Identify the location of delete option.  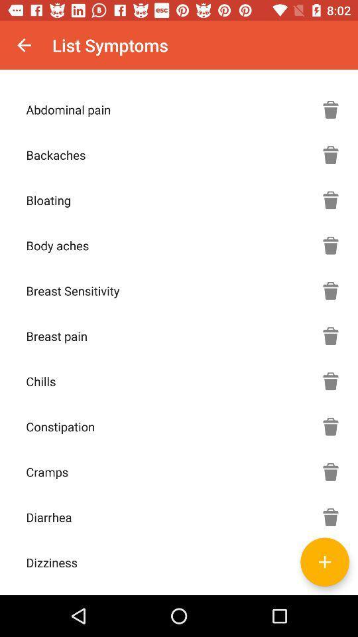
(330, 109).